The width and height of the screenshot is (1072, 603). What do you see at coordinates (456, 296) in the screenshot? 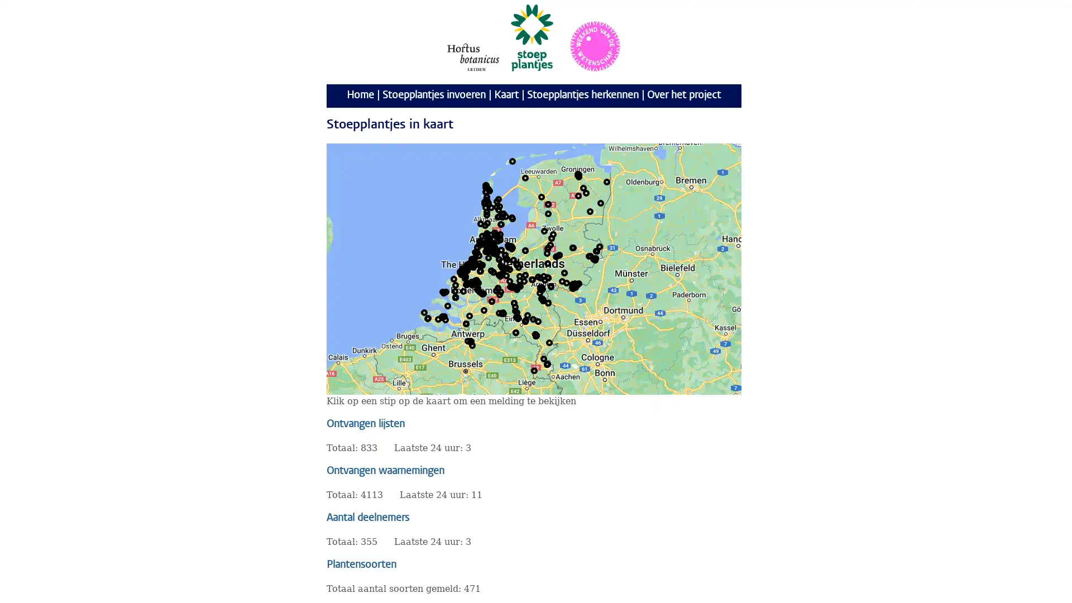
I see `Telling van Jelle de Witte op 03 juni 2022` at bounding box center [456, 296].